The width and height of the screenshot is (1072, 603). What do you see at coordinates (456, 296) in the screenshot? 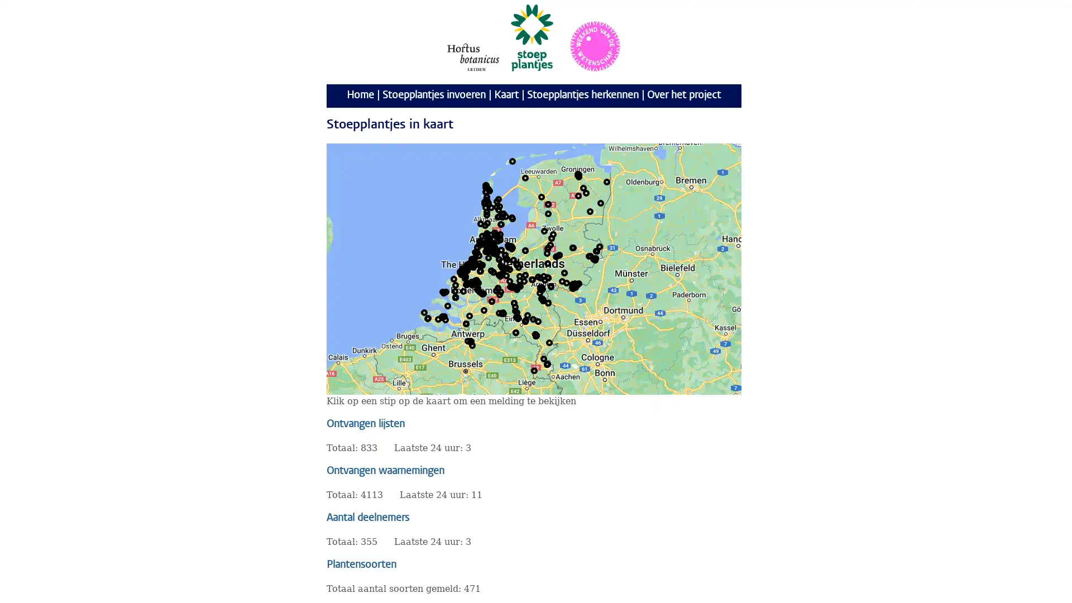
I see `Telling van Jelle de Witte op 03 juni 2022` at bounding box center [456, 296].